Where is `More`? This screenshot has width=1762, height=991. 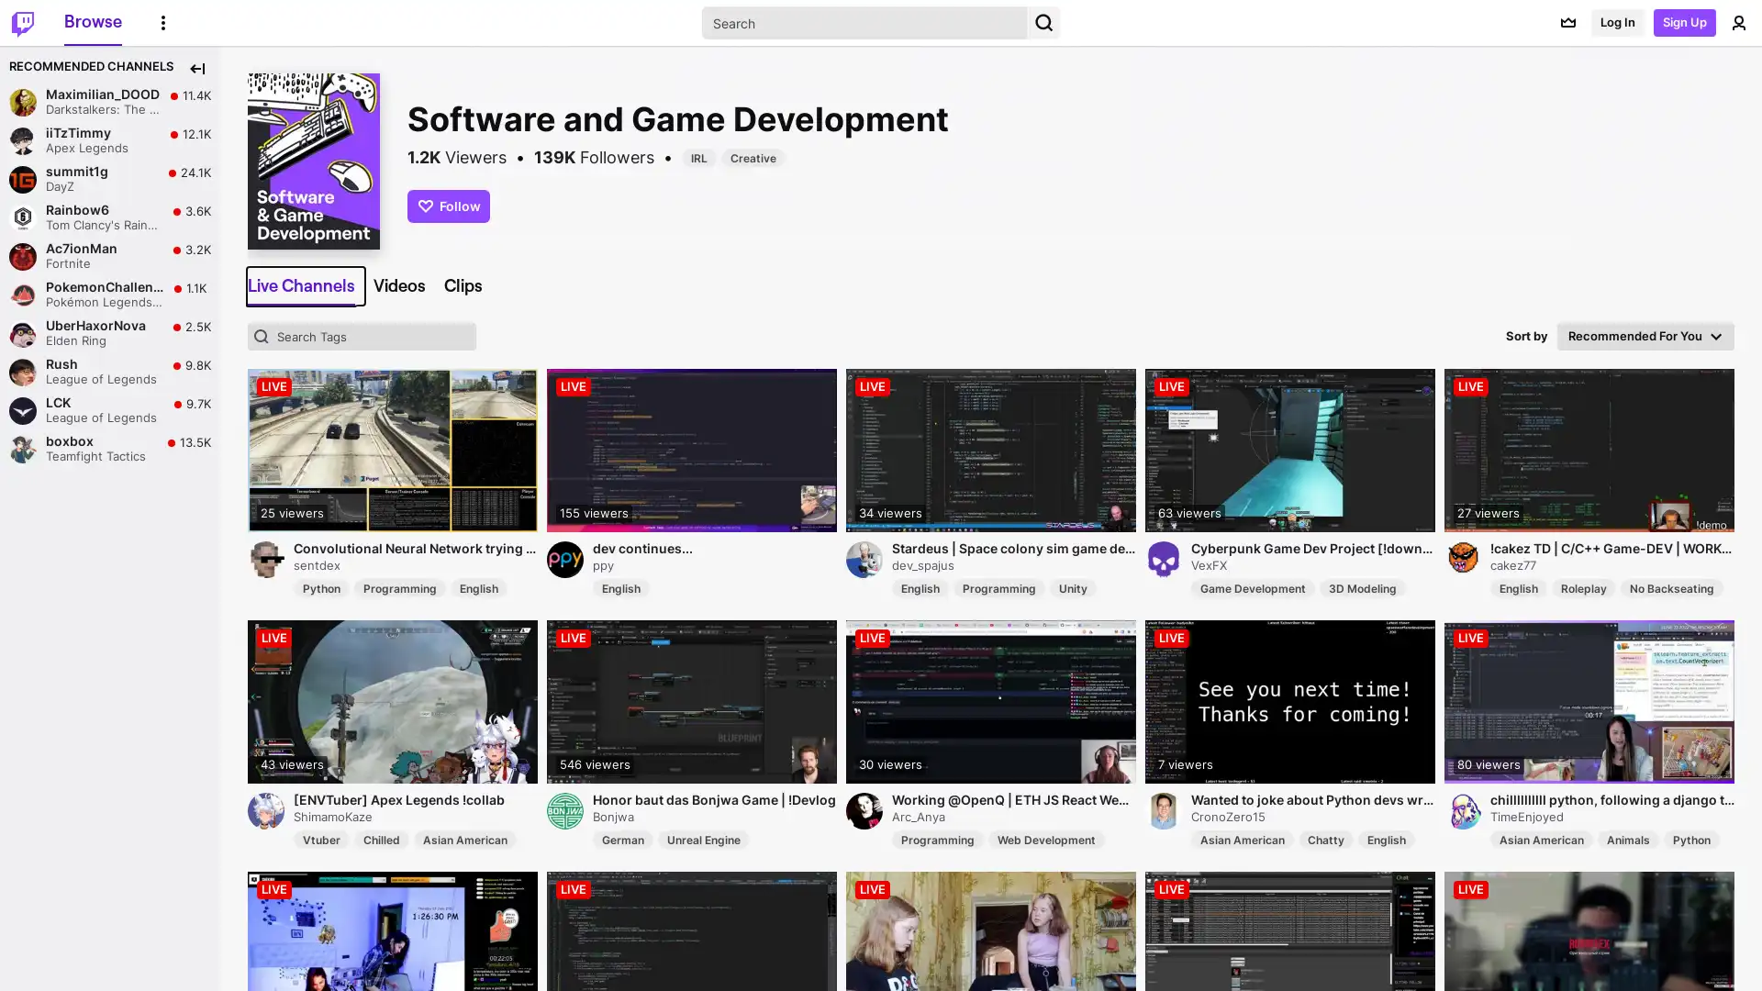 More is located at coordinates (162, 21).